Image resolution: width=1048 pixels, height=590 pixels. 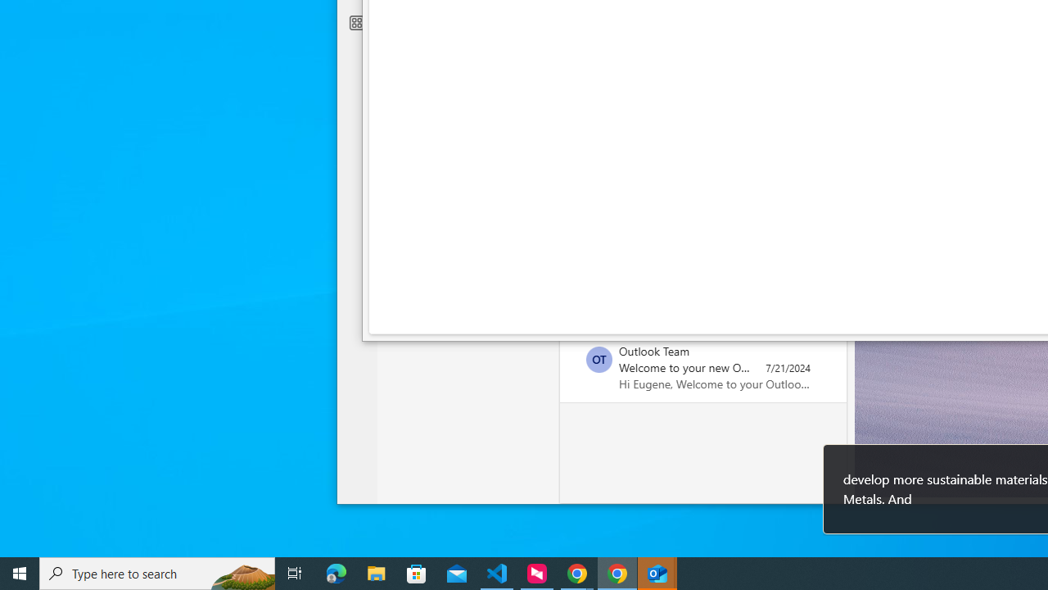 I want to click on 'Task View', so click(x=294, y=572).